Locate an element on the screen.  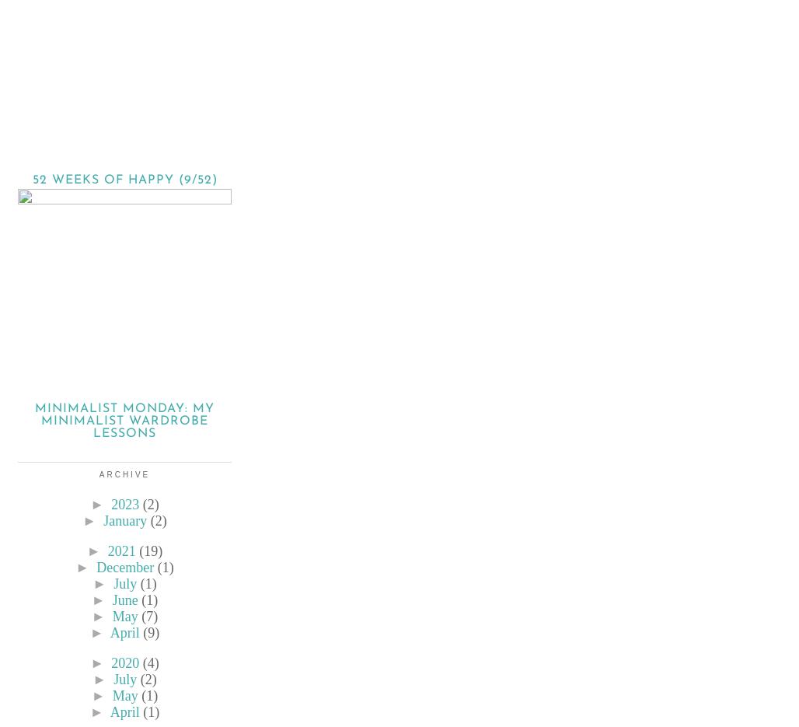
'Minimalist Monday: My Minimalist Wardrobe Lessons' is located at coordinates (124, 421).